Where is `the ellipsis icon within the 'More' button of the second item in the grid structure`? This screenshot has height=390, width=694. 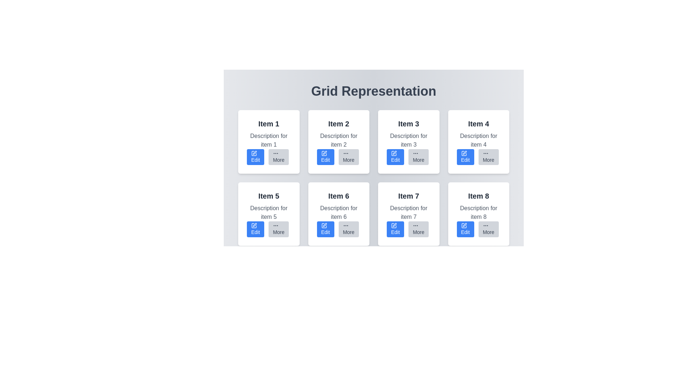 the ellipsis icon within the 'More' button of the second item in the grid structure is located at coordinates (275, 153).